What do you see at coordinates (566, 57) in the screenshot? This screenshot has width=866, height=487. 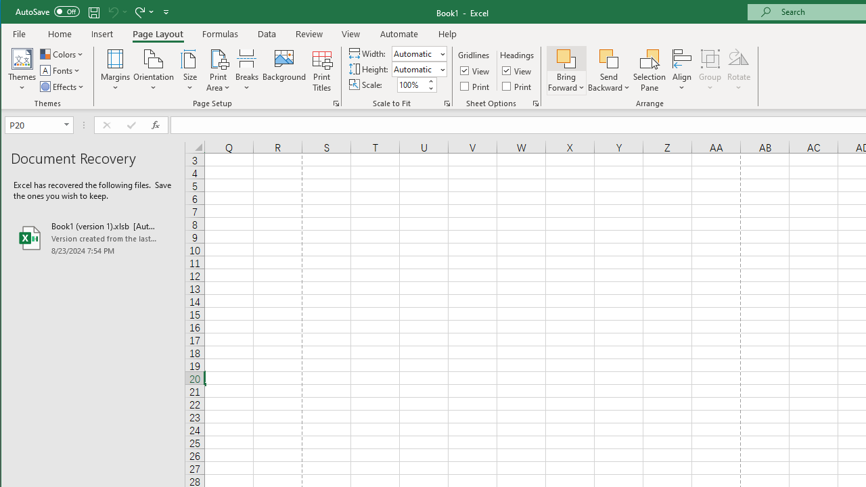 I see `'Bring Forward'` at bounding box center [566, 57].